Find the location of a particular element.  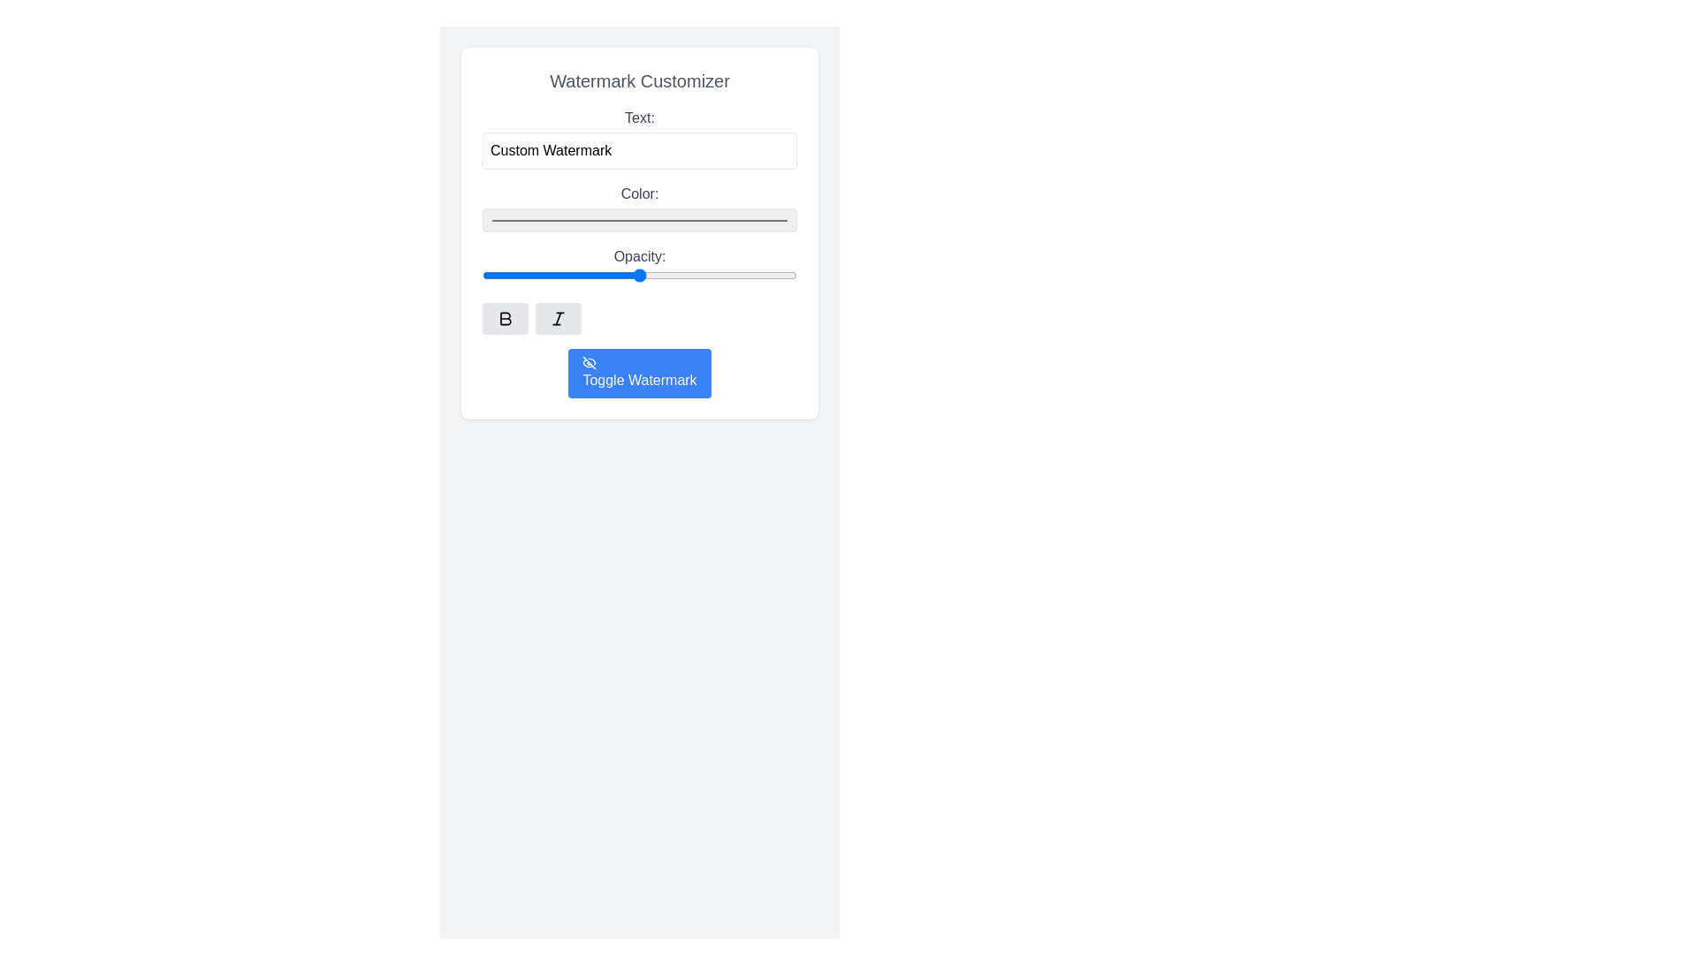

the icon resembling an italicized letter 'I' in the watermark customizer interface is located at coordinates (558, 319).